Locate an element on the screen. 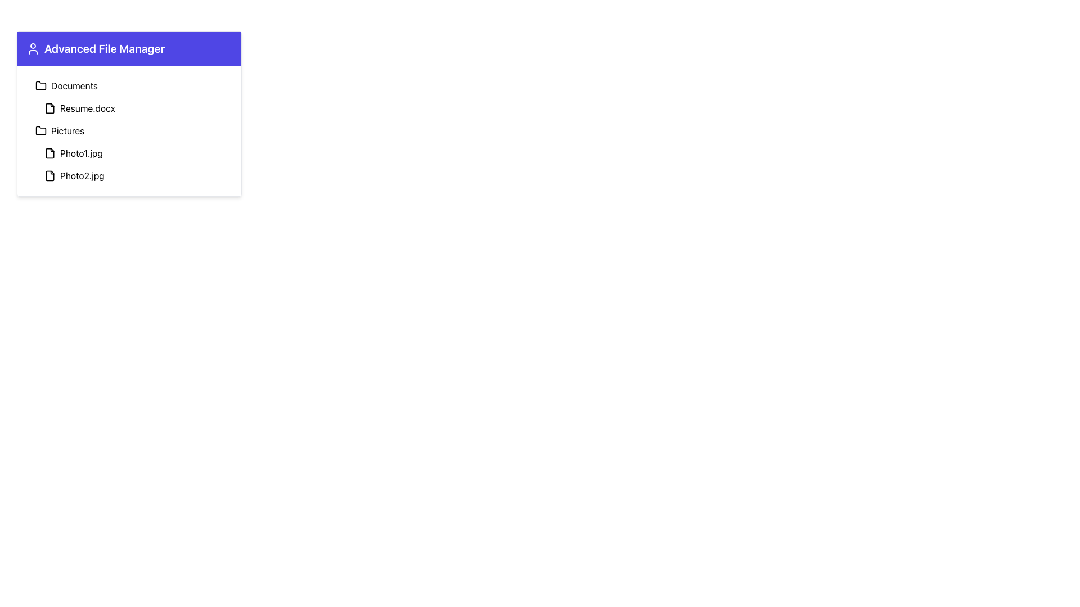 The image size is (1080, 607). the file type icon next to the text labeled 'Photo1.jpg' in the file manager interface is located at coordinates (49, 153).